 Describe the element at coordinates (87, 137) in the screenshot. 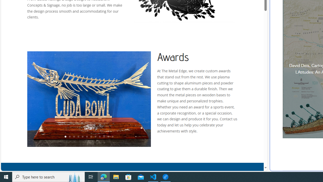

I see `'6'` at that location.